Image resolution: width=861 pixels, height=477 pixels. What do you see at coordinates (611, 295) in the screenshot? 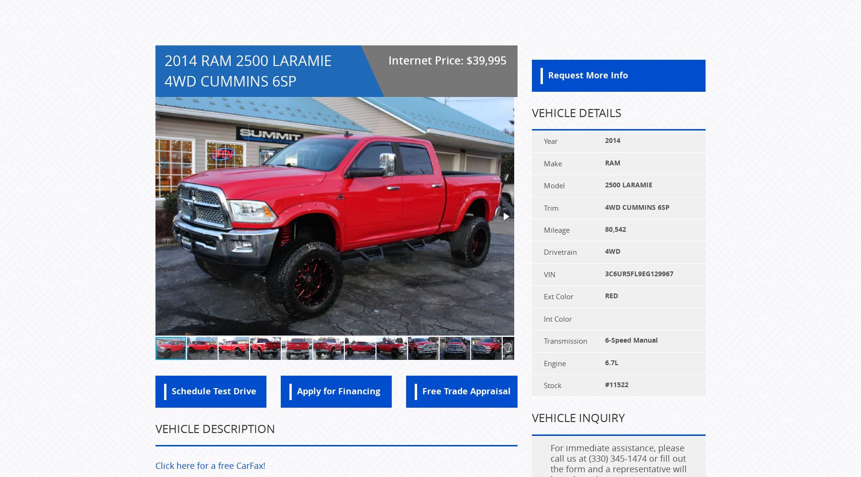
I see `'RED'` at bounding box center [611, 295].